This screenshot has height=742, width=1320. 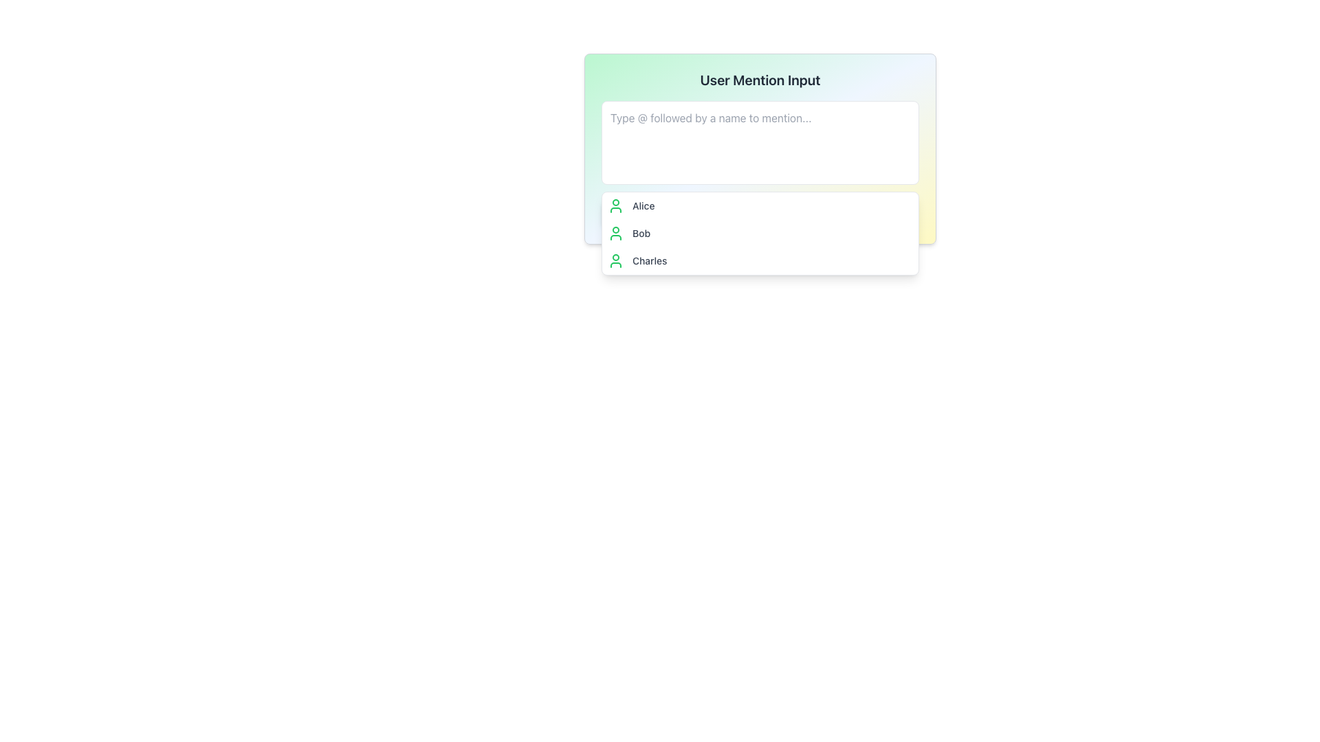 What do you see at coordinates (615, 206) in the screenshot?
I see `the user avatar icon styled as an outline of a person in green color, which is the first left-aligned icon in the list of user mentions next to the text 'Alice'` at bounding box center [615, 206].